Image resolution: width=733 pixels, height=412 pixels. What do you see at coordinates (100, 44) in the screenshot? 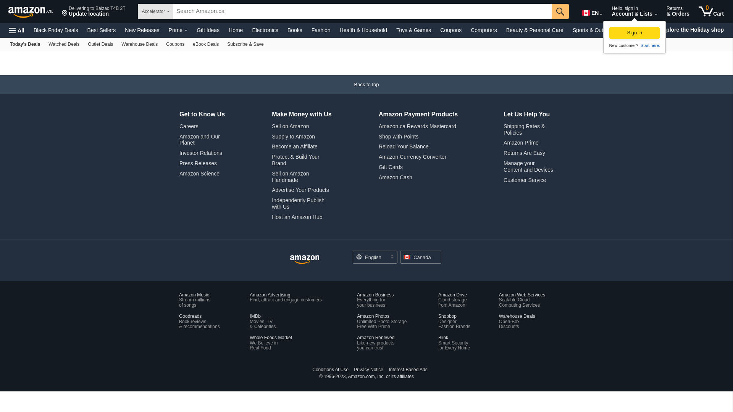
I see `'Outlet Deals'` at bounding box center [100, 44].